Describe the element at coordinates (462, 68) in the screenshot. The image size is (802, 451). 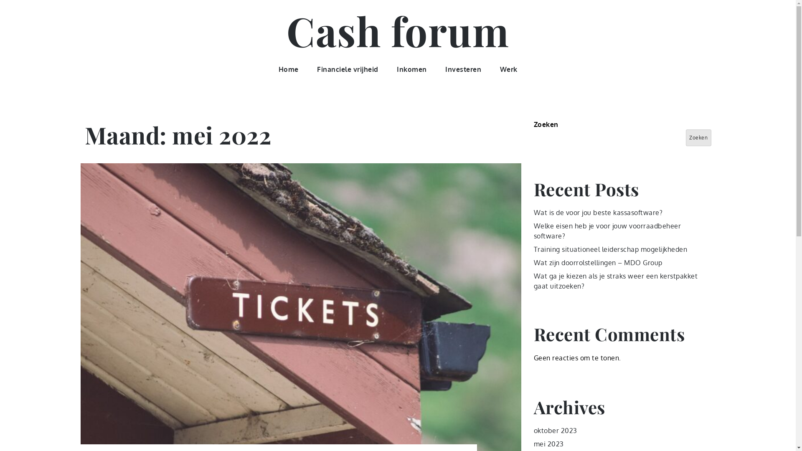
I see `'Investeren'` at that location.